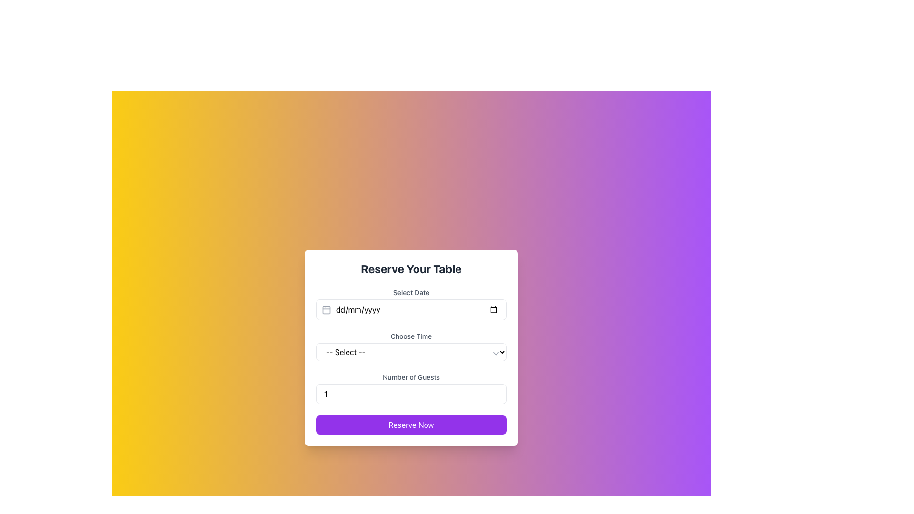  I want to click on the bold and large-sized heading 'Reserve Your Table' which is centered inside a white-rounded box at the top of the reservation form, so click(411, 268).